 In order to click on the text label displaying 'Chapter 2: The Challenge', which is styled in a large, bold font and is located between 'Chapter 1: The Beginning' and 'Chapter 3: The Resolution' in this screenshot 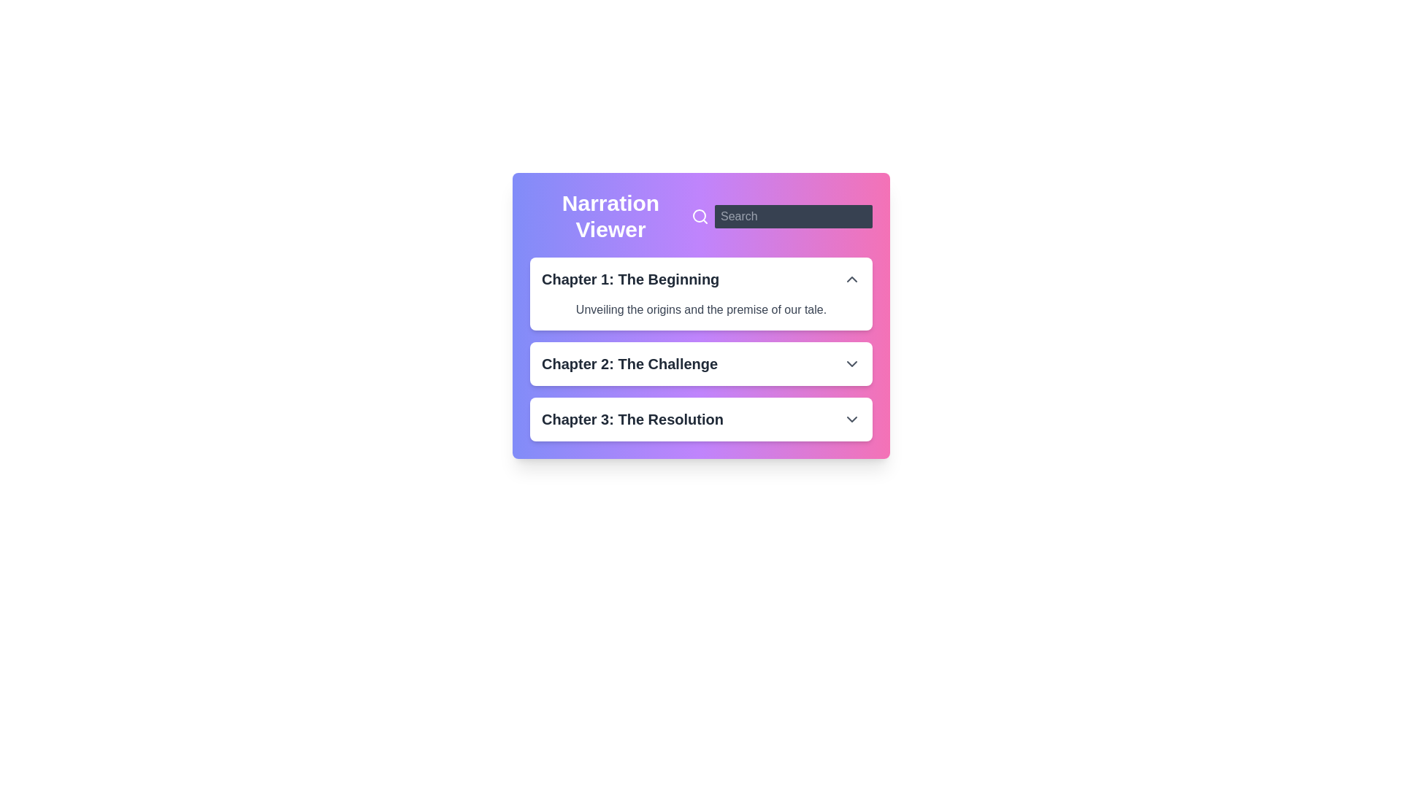, I will do `click(629, 363)`.